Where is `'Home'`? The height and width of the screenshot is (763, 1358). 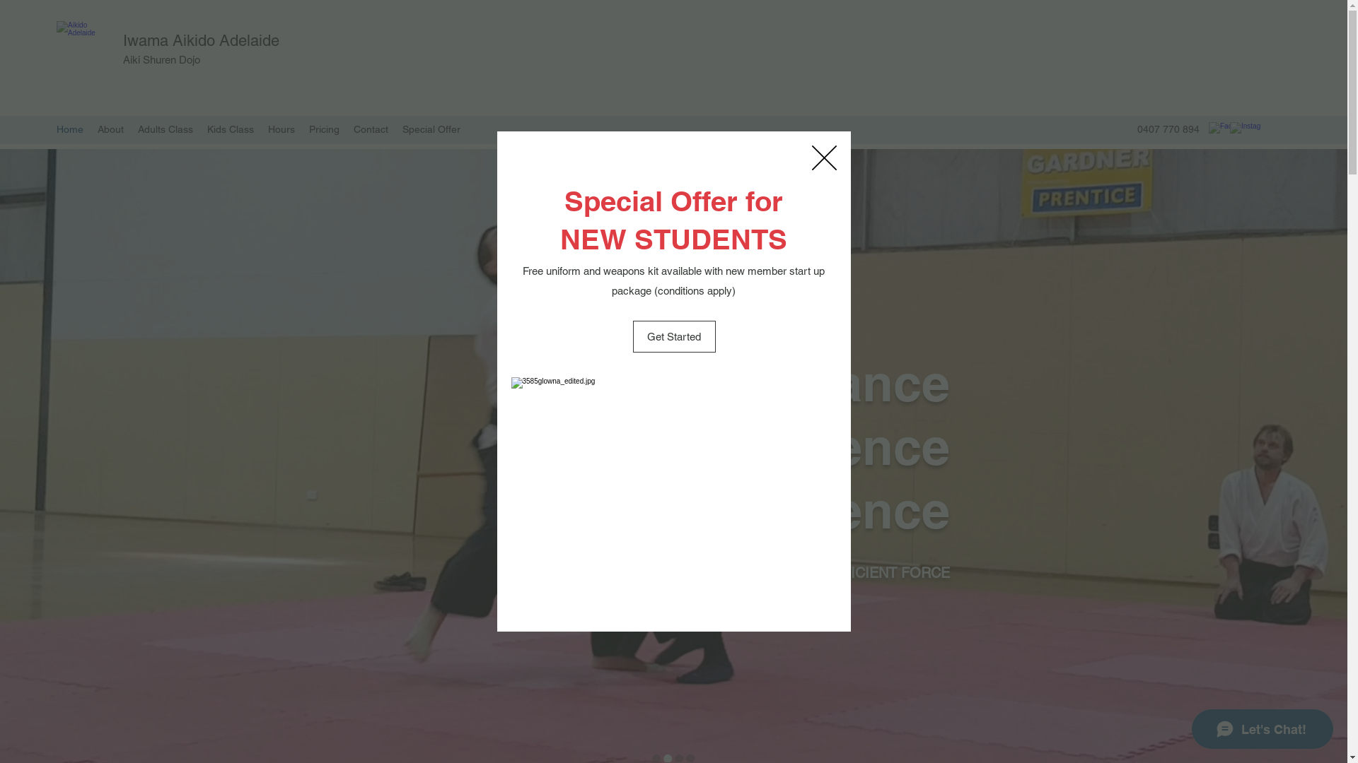
'Home' is located at coordinates (69, 129).